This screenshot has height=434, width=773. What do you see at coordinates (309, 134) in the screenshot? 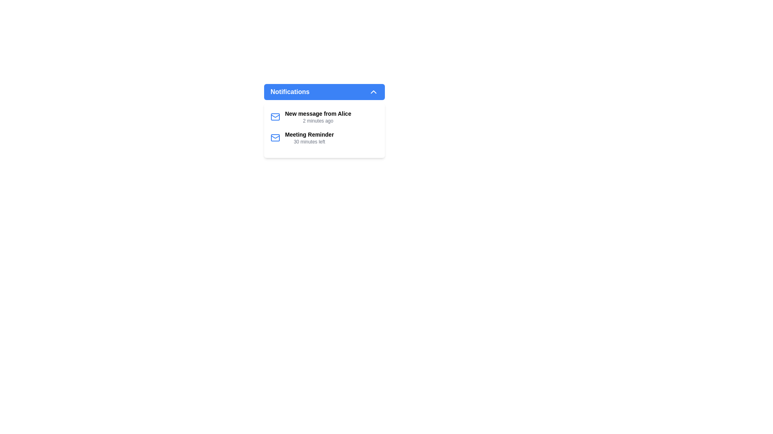
I see `the Text Label that serves as the title for the second notification entry under the 'Notifications' panel, which provides a summary of the notification's content` at bounding box center [309, 134].